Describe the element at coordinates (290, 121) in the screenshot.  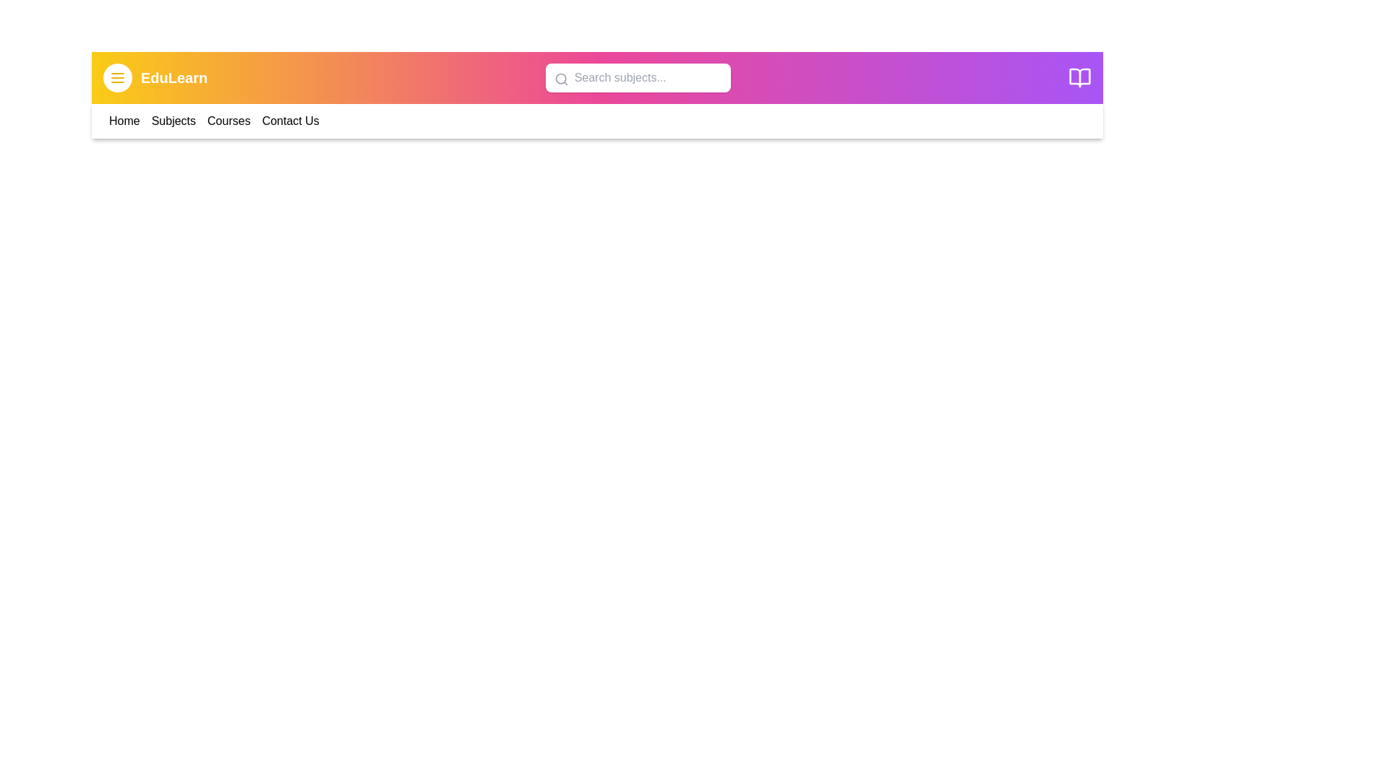
I see `the navigation link Contact Us in the navigation bar` at that location.